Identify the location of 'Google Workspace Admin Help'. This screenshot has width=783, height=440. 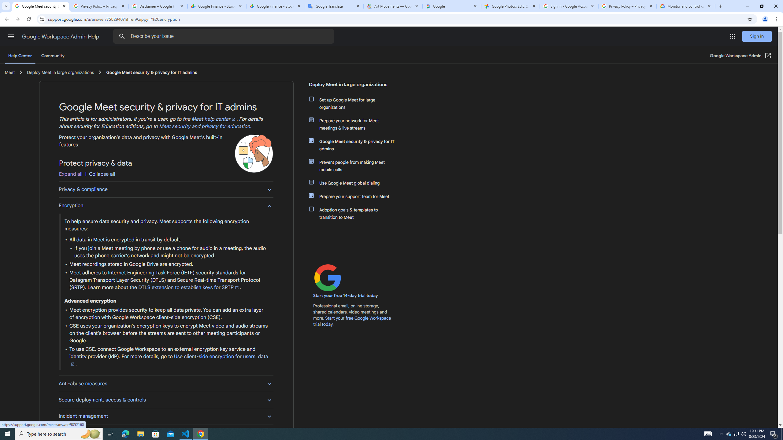
(61, 36).